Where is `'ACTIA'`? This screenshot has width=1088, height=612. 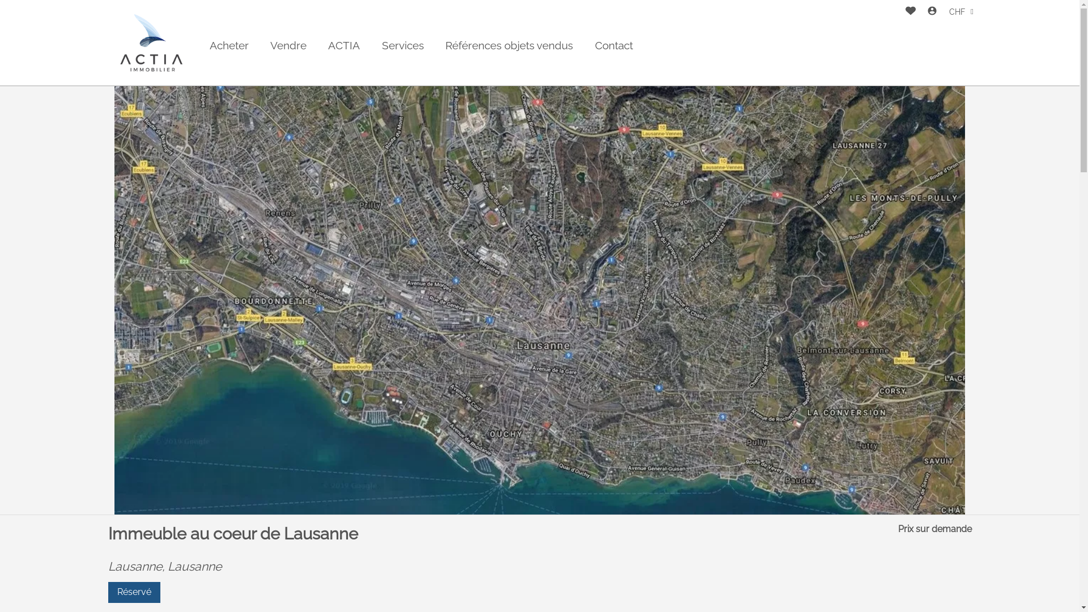 'ACTIA' is located at coordinates (343, 45).